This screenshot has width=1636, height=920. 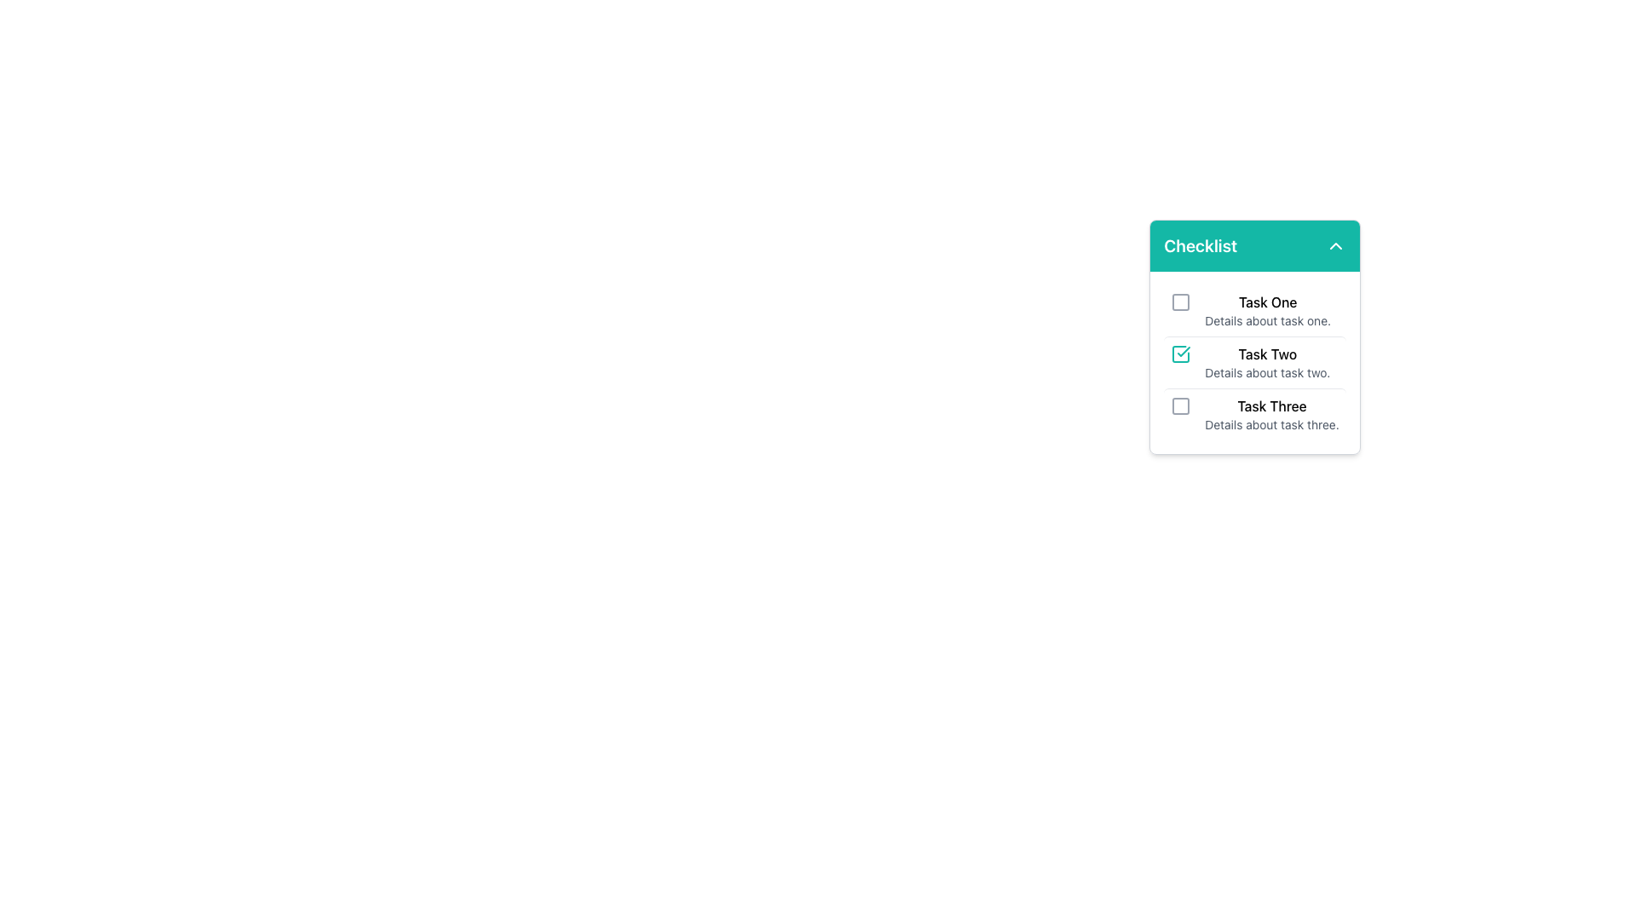 I want to click on the checked checkbox labeled 'Task Two' and its accompanying text 'Details about task two.' in the Checklist section, so click(x=1255, y=360).